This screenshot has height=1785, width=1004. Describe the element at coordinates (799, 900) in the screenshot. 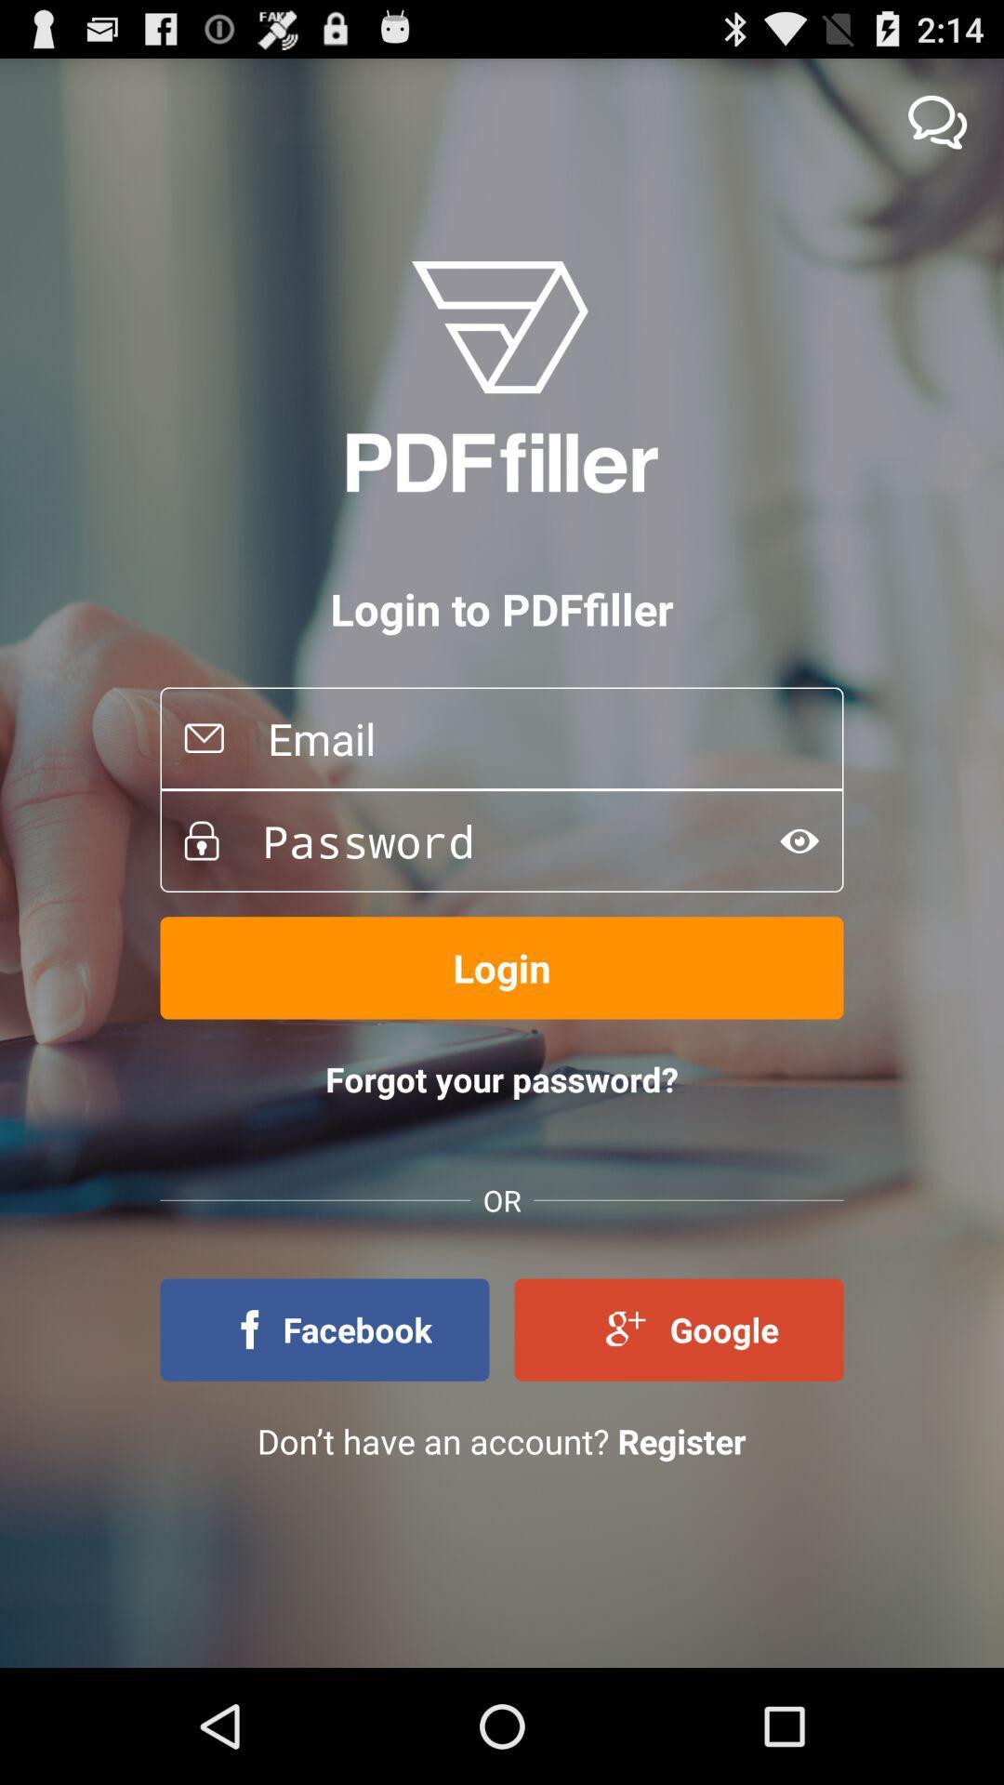

I see `the visibility icon` at that location.